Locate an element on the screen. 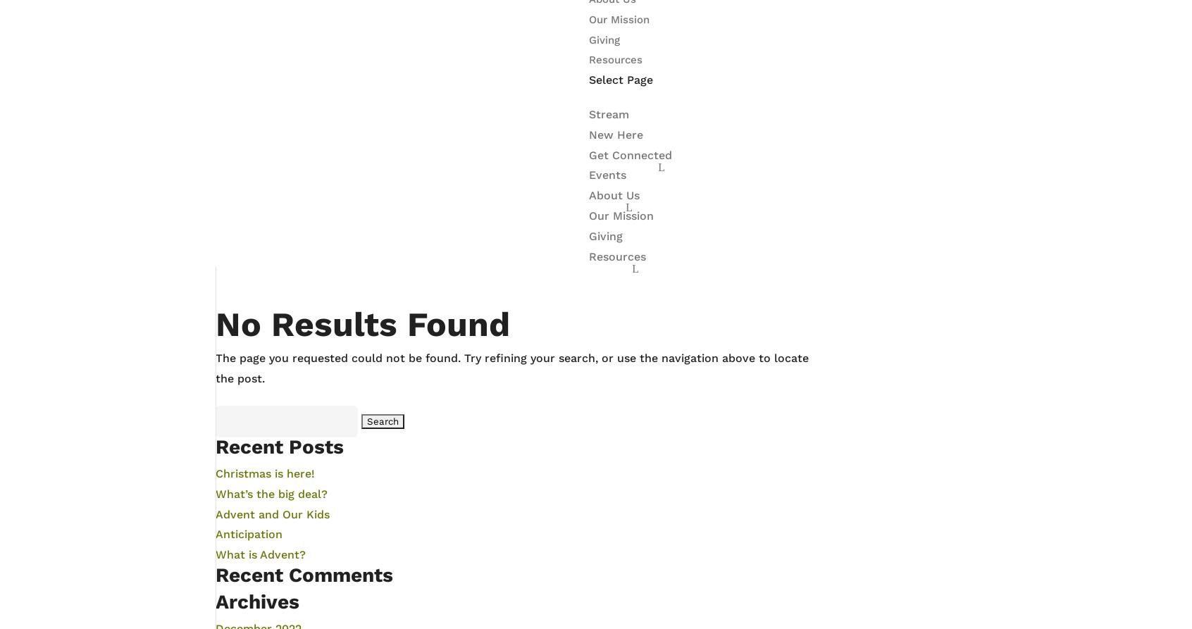 This screenshot has height=629, width=1192. 'Select Page' is located at coordinates (620, 80).